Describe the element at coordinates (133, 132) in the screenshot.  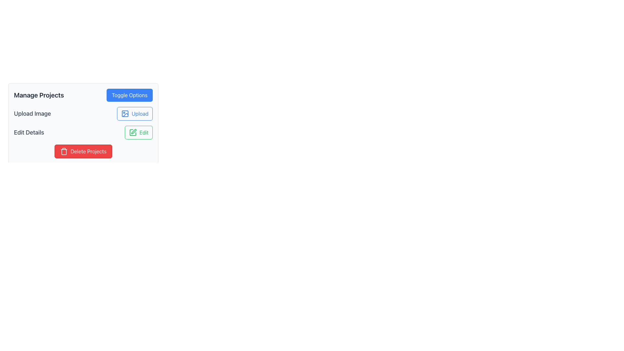
I see `the 'Edit' icon located in the 'Edit Details' section, which is positioned to the right of the 'Upload' button` at that location.